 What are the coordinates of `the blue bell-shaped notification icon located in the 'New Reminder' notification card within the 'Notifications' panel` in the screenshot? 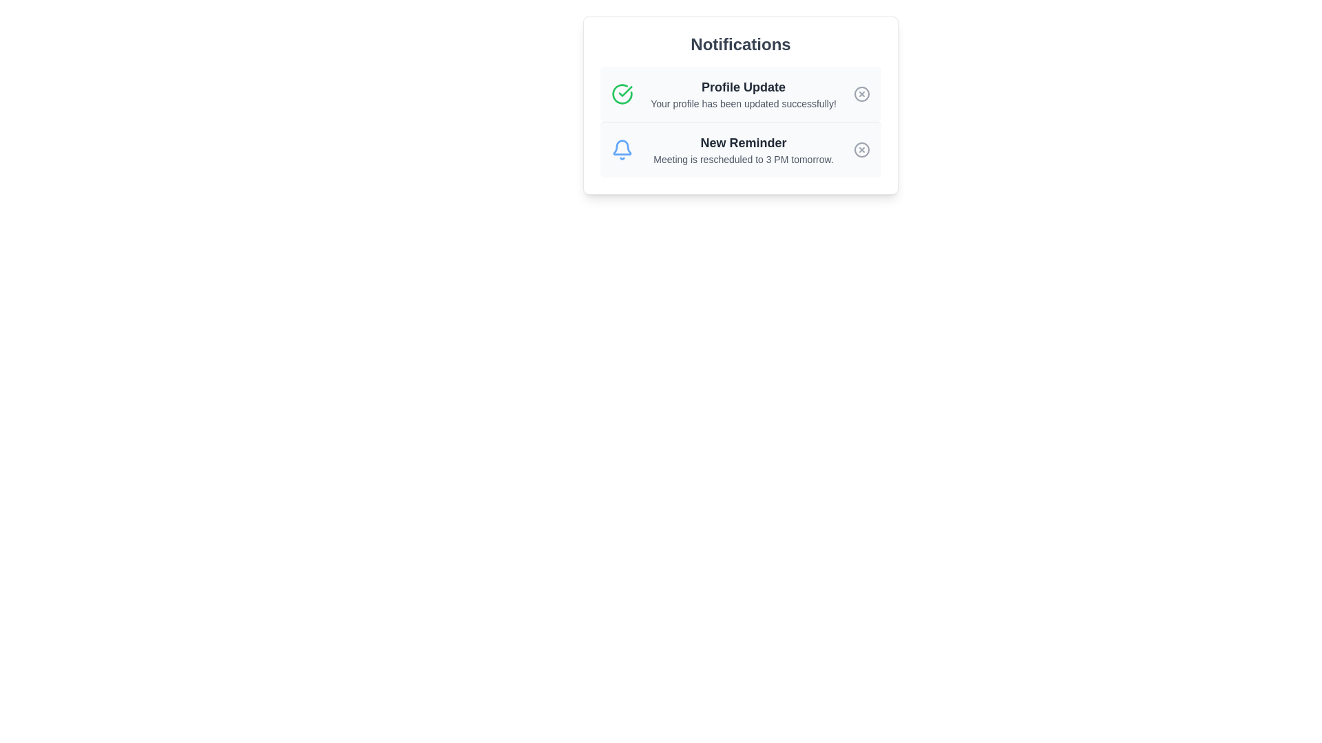 It's located at (621, 147).